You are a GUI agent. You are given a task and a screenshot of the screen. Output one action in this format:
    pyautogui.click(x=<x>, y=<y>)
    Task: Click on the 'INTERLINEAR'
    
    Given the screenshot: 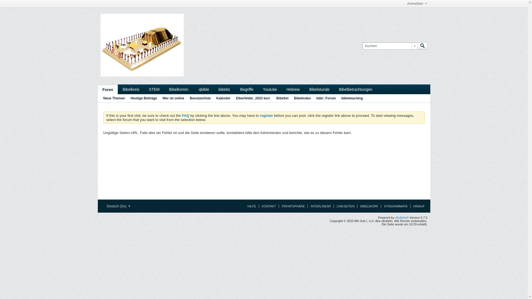 What is the action you would take?
    pyautogui.click(x=319, y=206)
    